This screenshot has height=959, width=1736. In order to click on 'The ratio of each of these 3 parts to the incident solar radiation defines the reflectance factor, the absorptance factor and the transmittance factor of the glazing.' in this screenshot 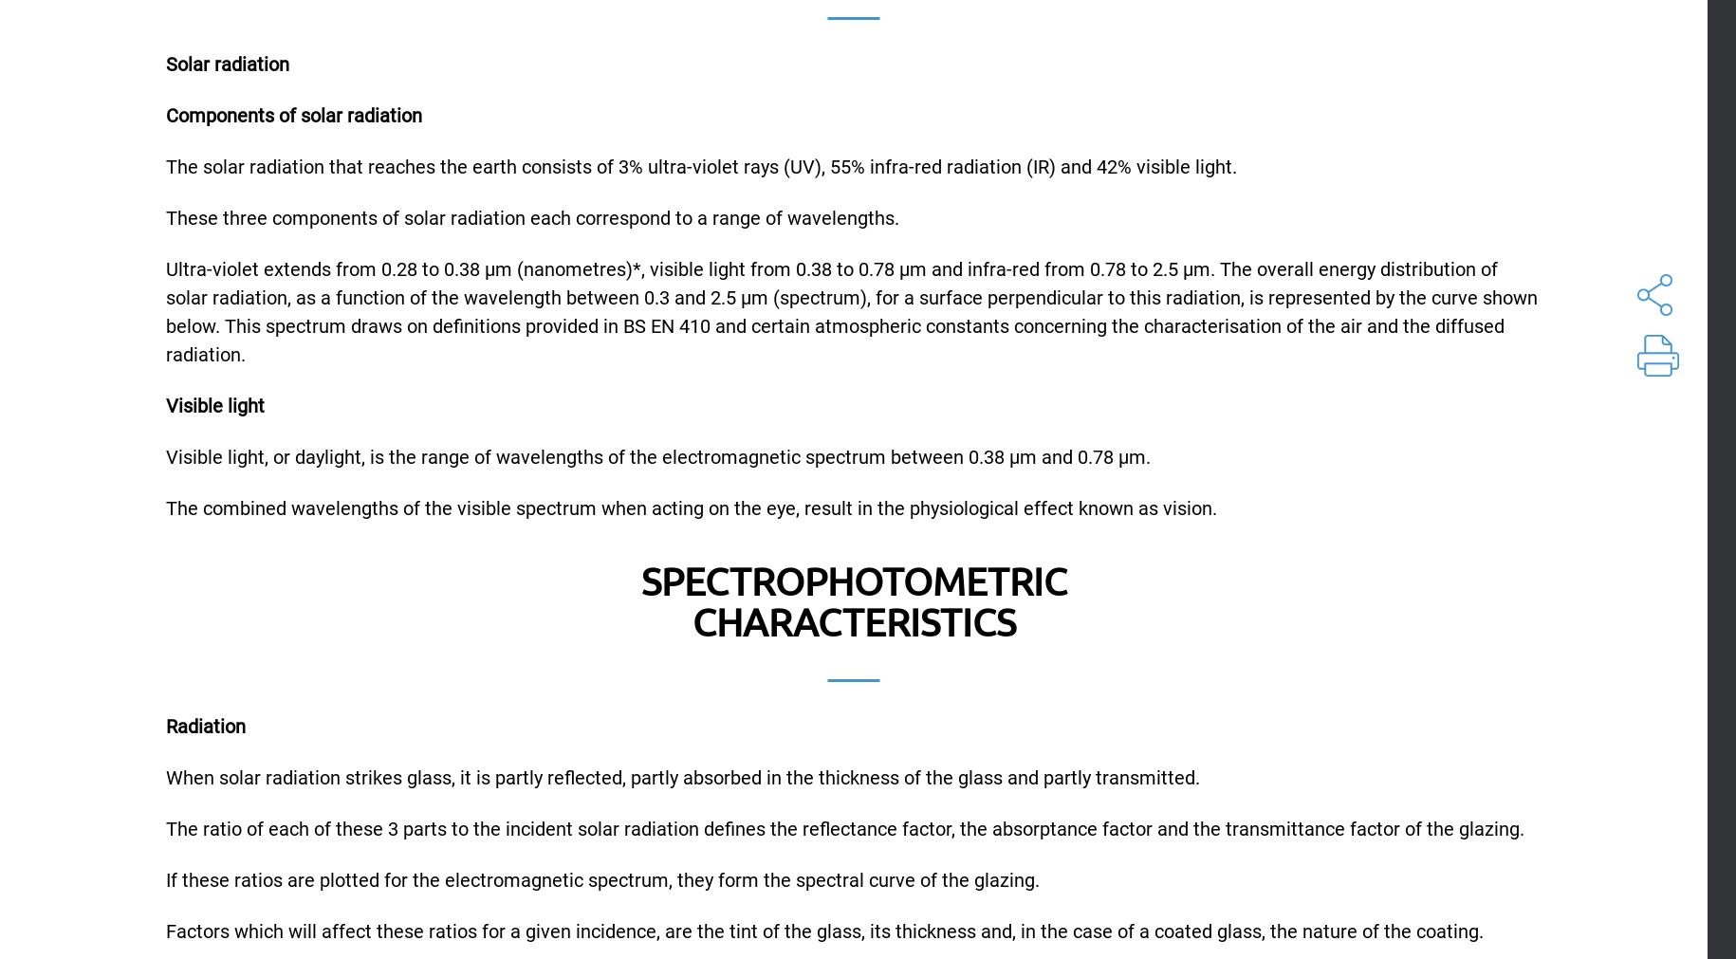, I will do `click(845, 827)`.